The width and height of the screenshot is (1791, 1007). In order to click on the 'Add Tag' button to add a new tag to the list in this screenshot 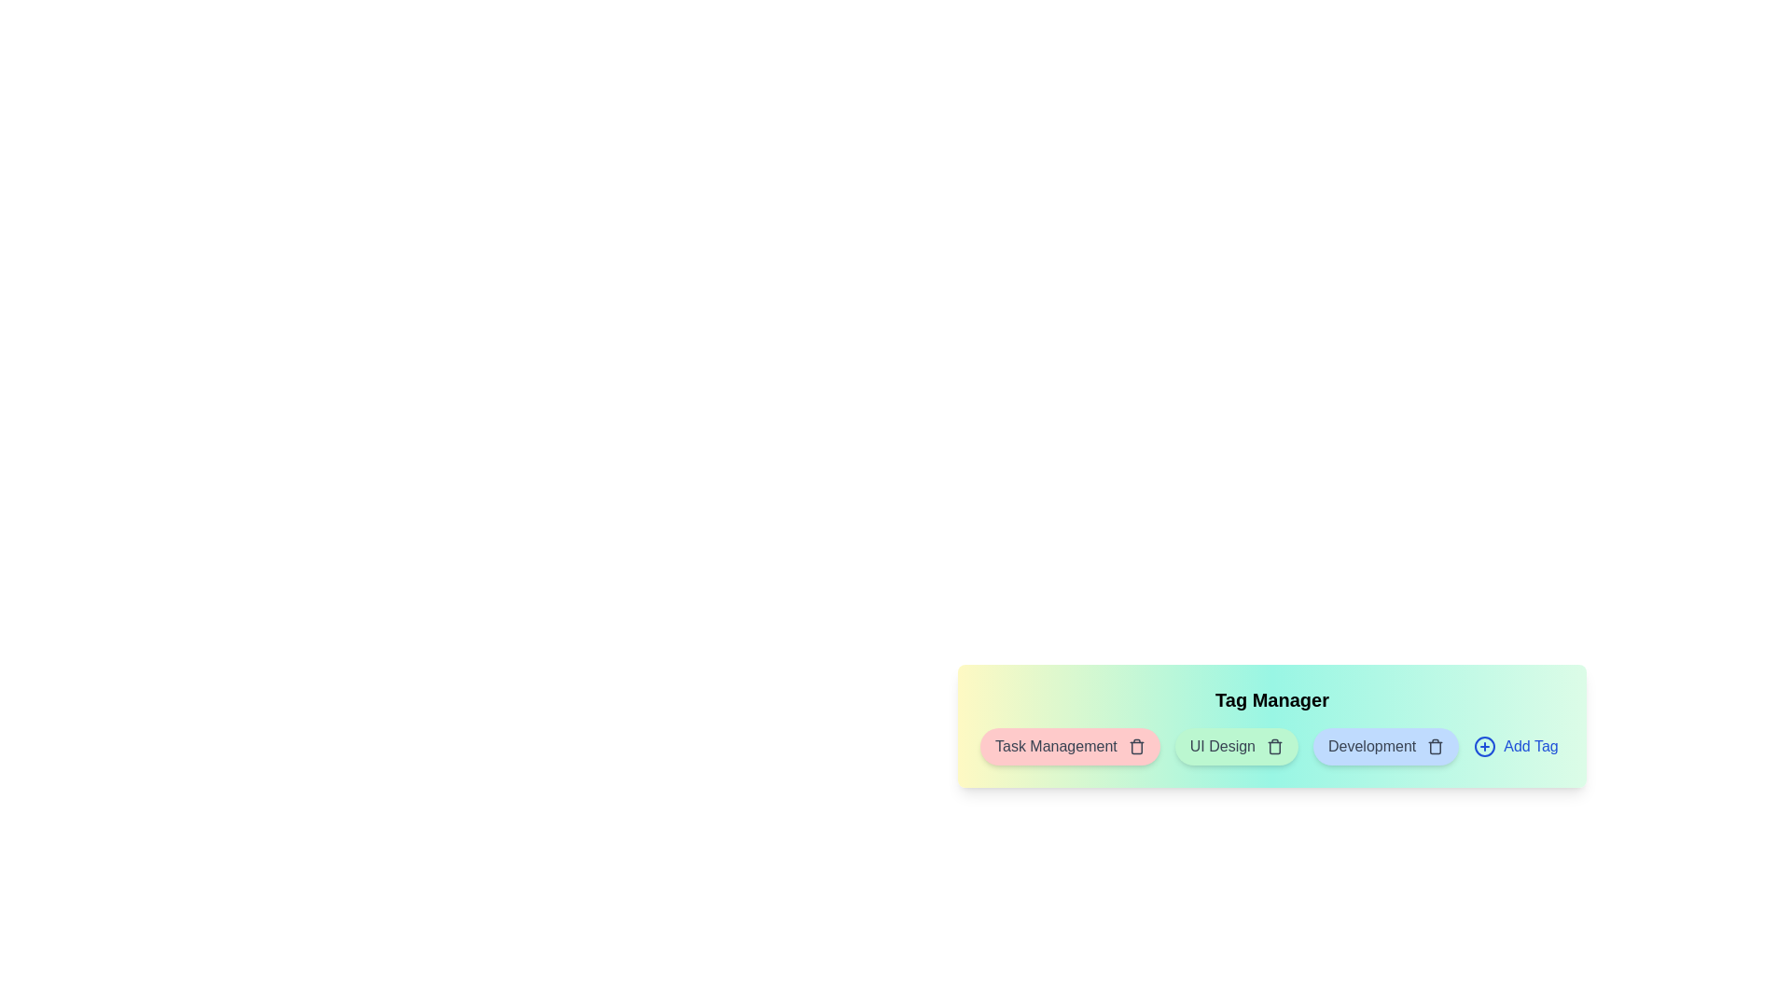, I will do `click(1516, 746)`.